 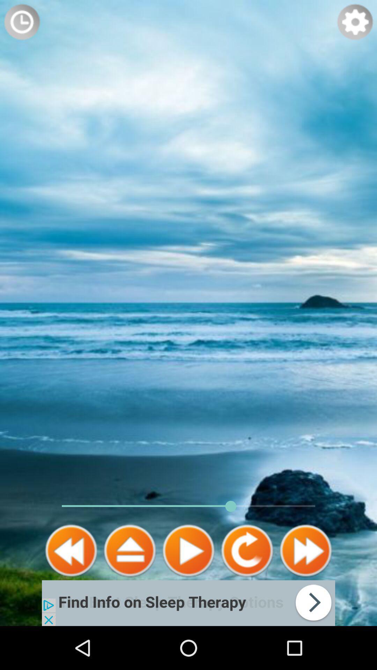 I want to click on the time icon, so click(x=21, y=23).